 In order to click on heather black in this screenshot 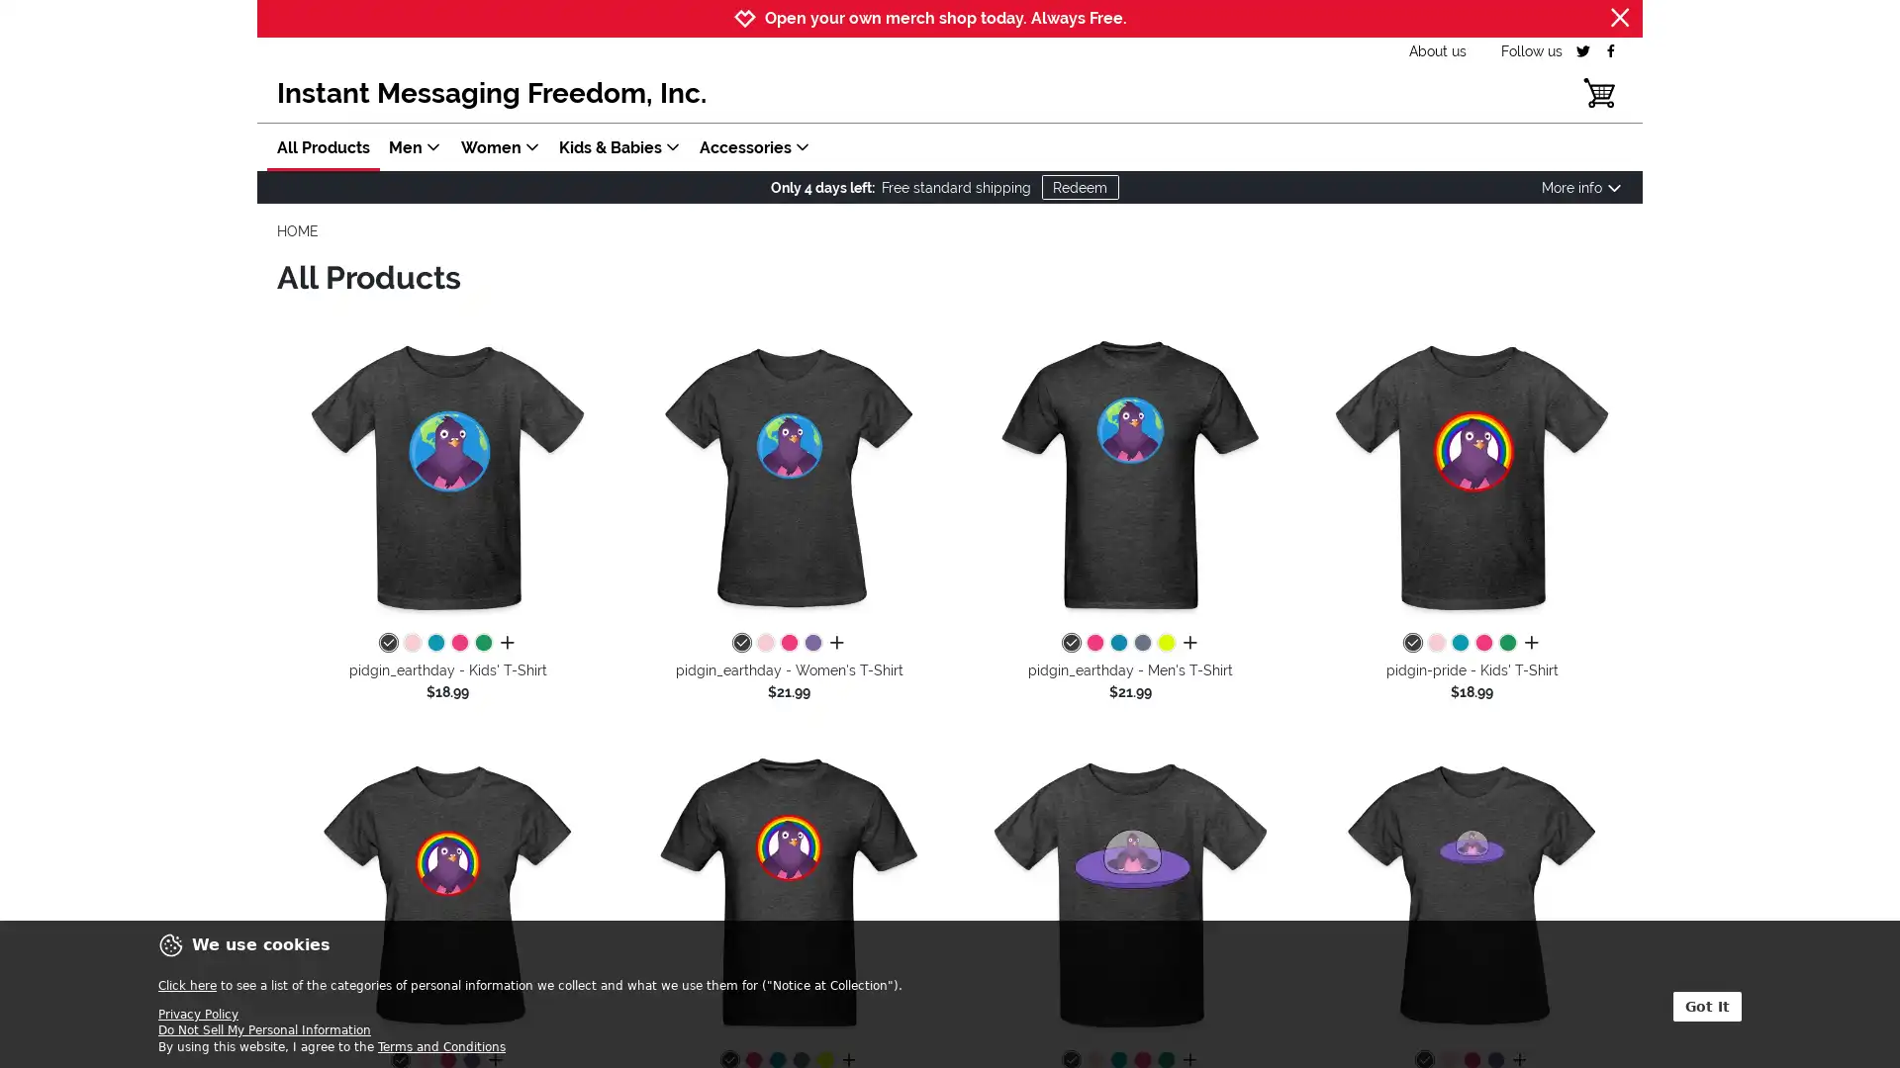, I will do `click(1069, 644)`.